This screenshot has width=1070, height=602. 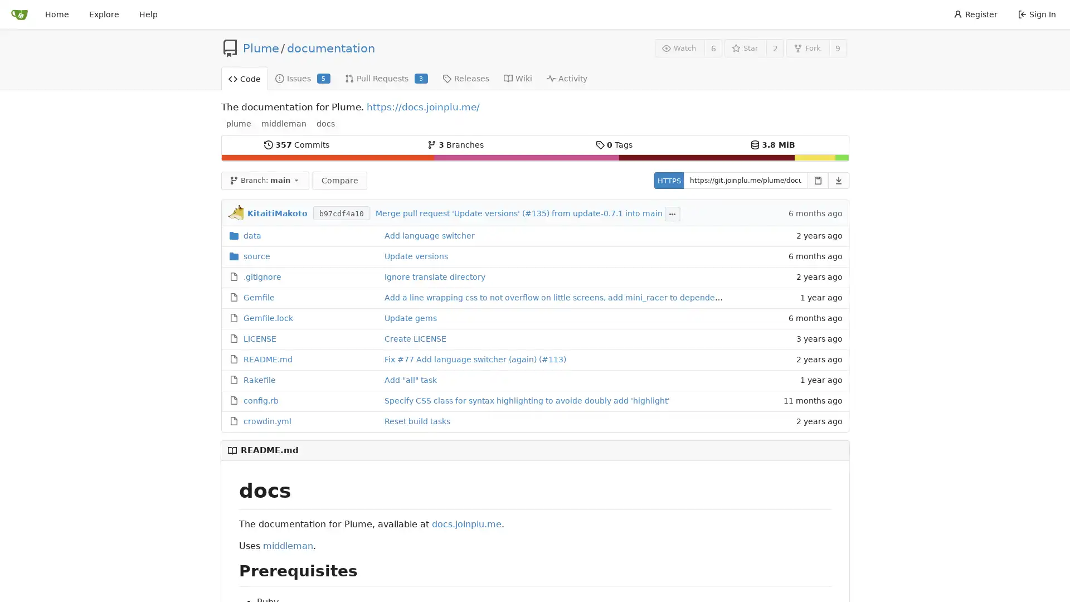 What do you see at coordinates (668, 180) in the screenshot?
I see `HTTPS` at bounding box center [668, 180].